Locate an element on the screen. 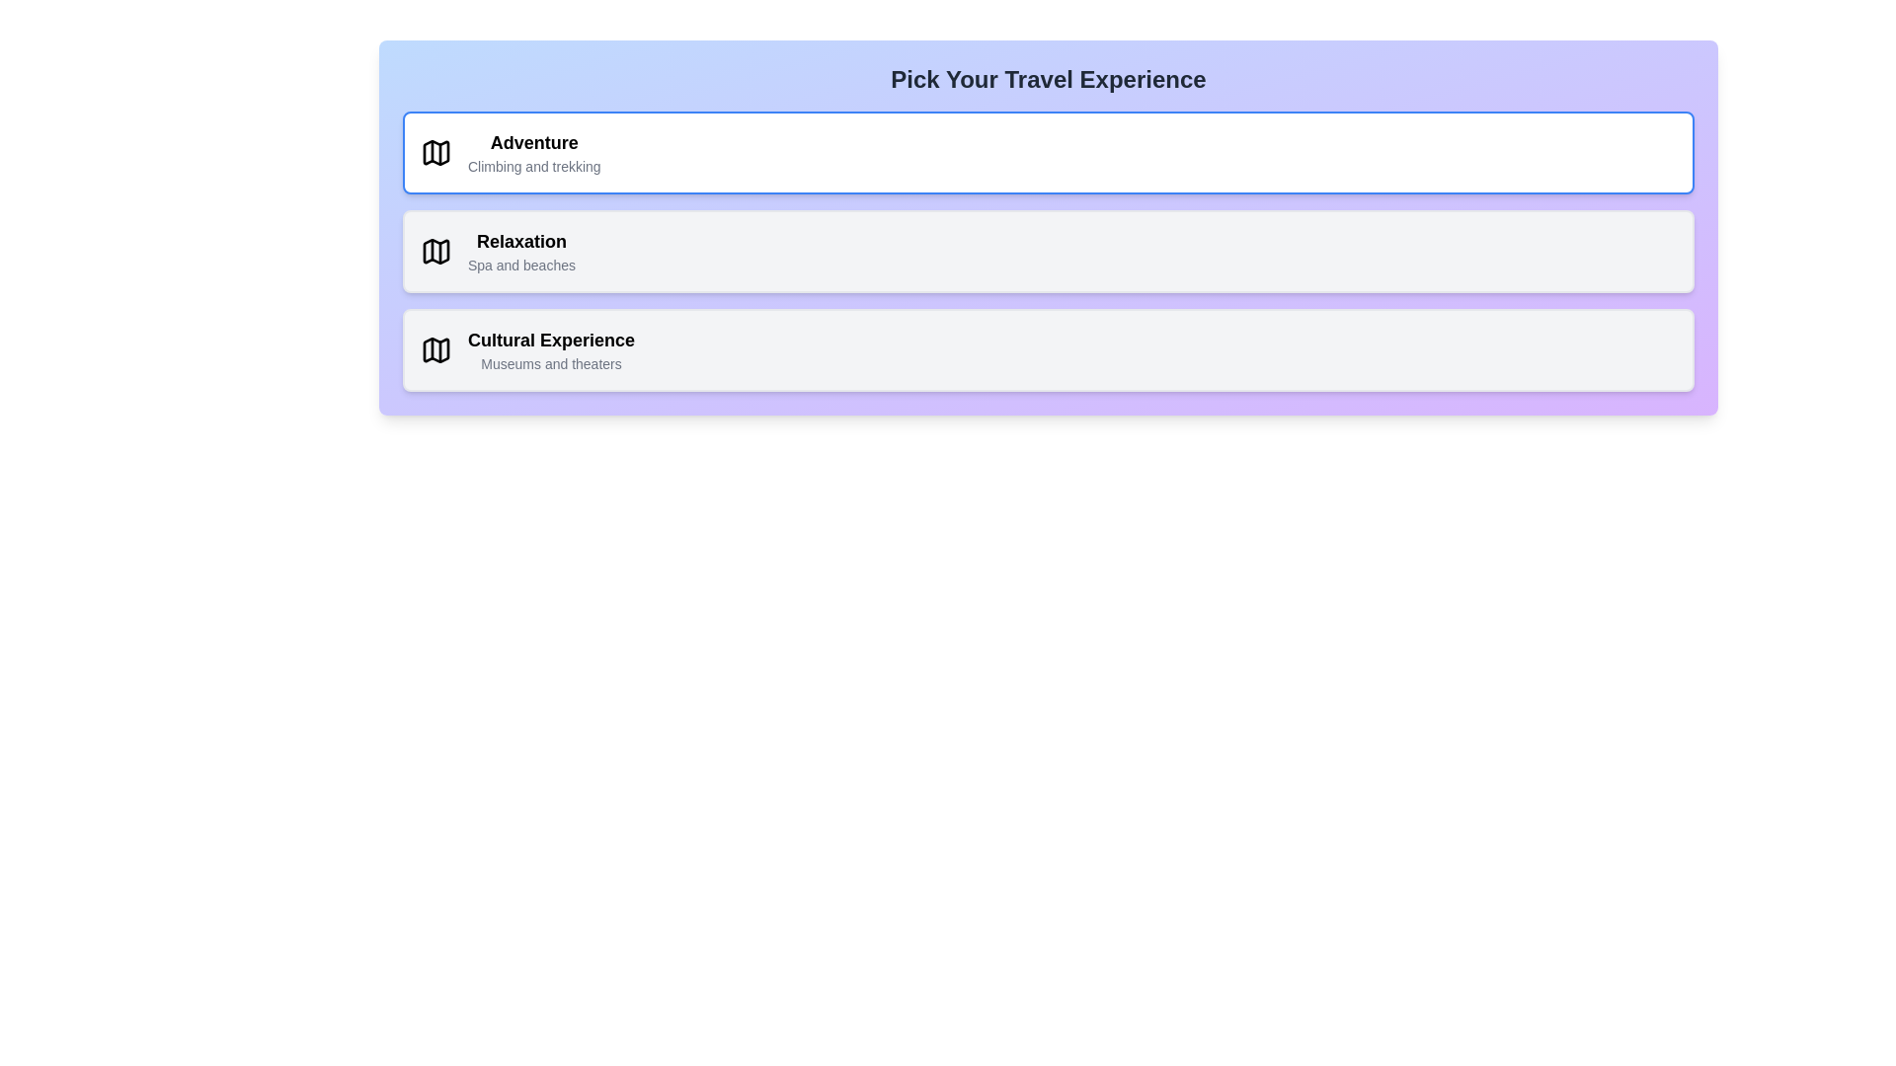 The image size is (1896, 1066). the 'Relaxation' option card is located at coordinates (521, 250).